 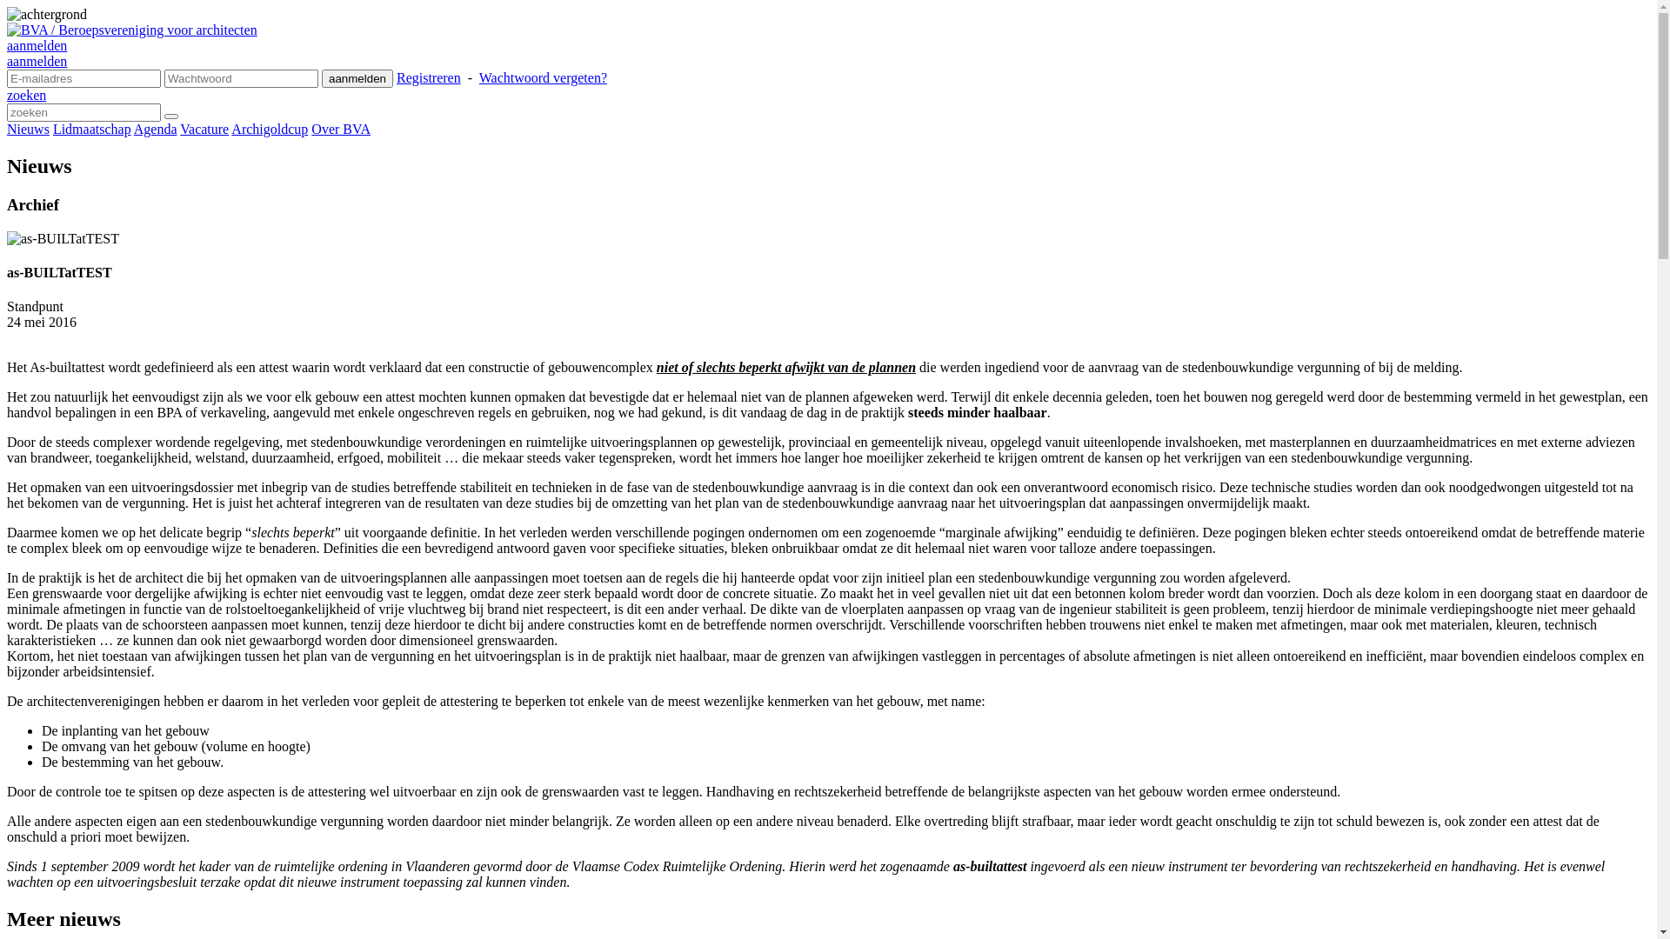 What do you see at coordinates (7, 60) in the screenshot?
I see `'aanmelden'` at bounding box center [7, 60].